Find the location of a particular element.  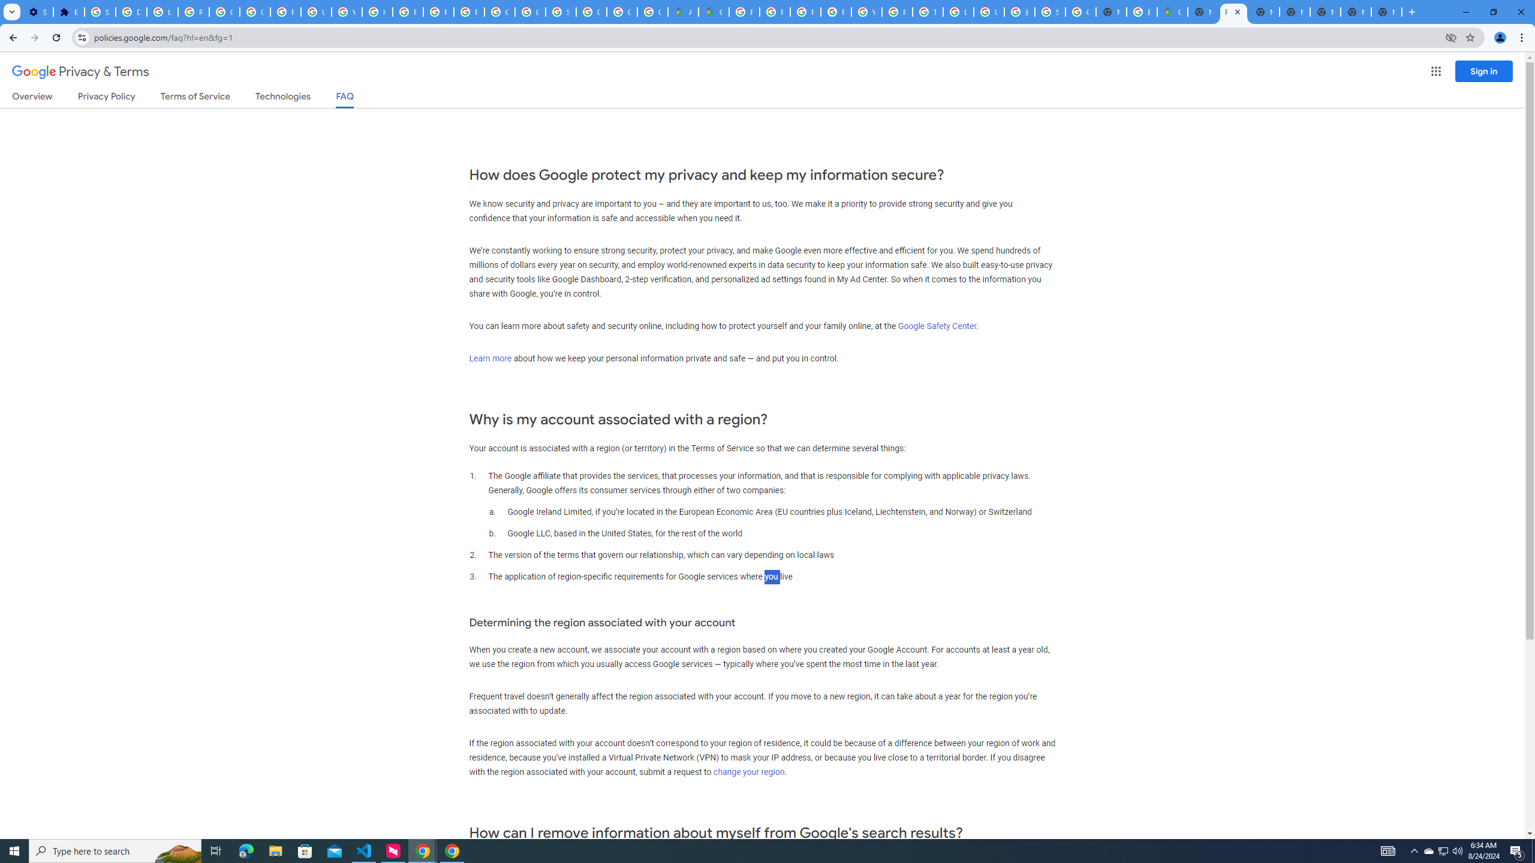

'Privacy Help Center - Policies Help' is located at coordinates (774, 11).